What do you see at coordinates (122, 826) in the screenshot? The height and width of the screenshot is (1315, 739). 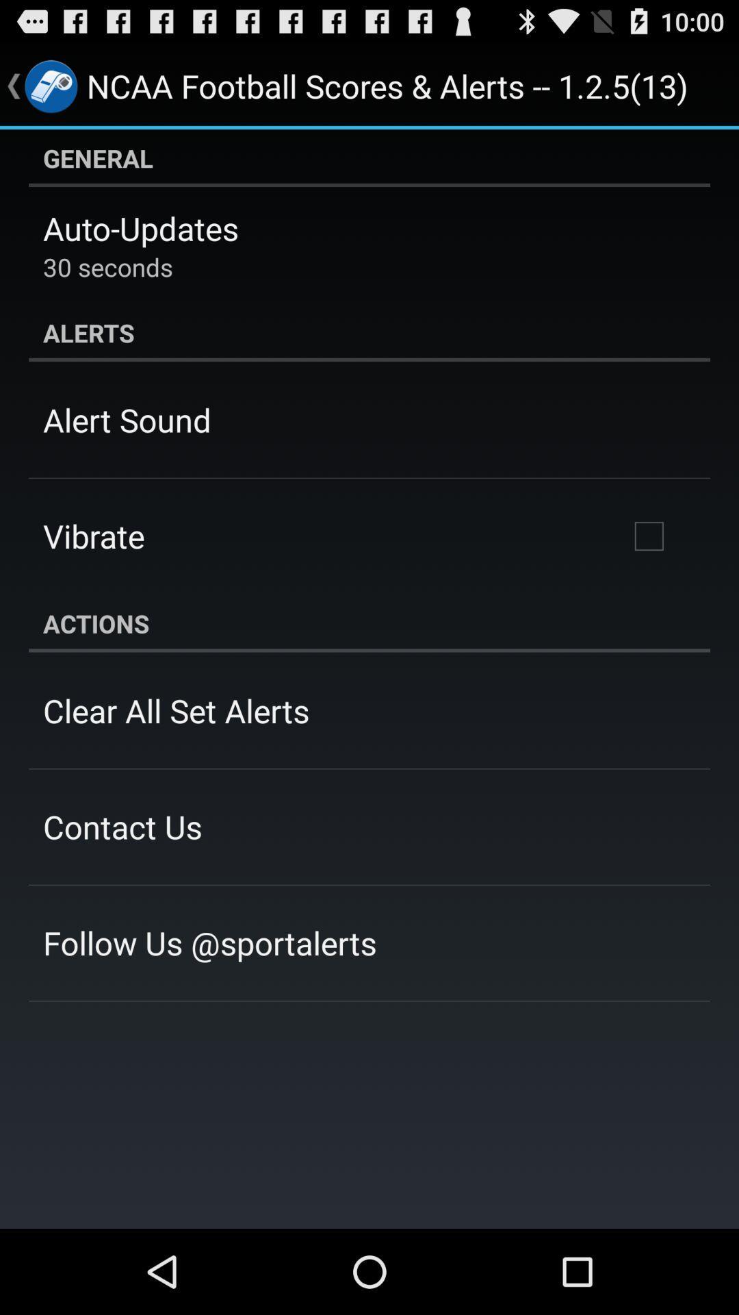 I see `the icon below clear all set icon` at bounding box center [122, 826].